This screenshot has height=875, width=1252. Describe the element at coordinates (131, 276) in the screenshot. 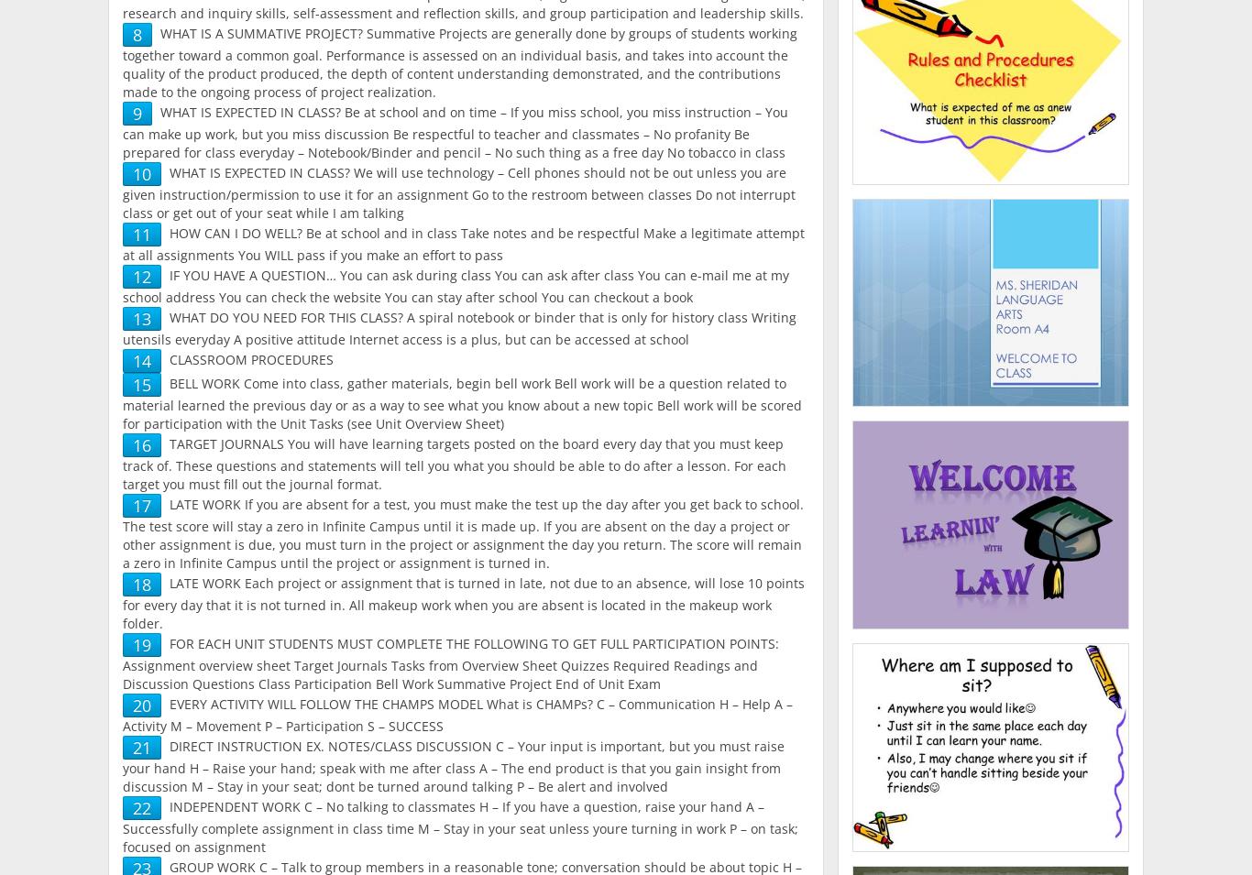

I see `'12'` at that location.